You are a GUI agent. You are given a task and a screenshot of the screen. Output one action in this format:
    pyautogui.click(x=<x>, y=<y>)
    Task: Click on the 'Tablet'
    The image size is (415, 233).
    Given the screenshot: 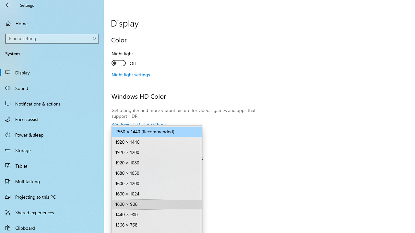 What is the action you would take?
    pyautogui.click(x=52, y=165)
    